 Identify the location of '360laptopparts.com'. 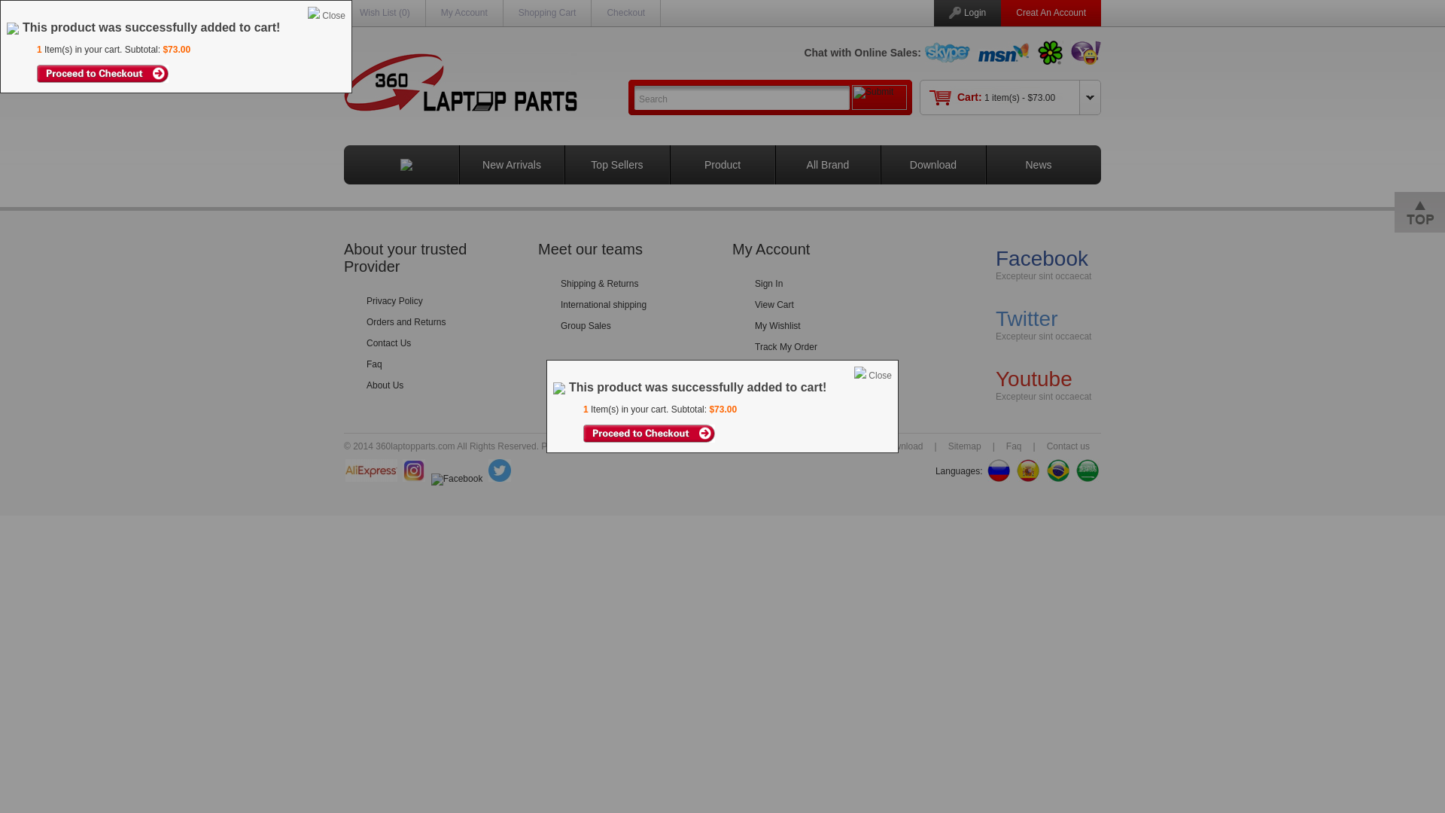
(631, 446).